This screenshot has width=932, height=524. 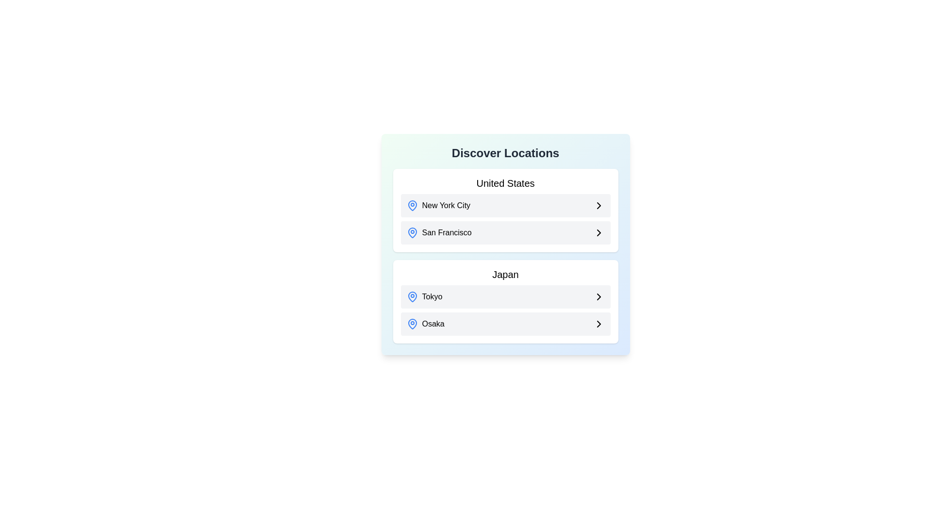 What do you see at coordinates (446, 205) in the screenshot?
I see `the 'New York City' text label in the 'Discover Locations' panel to trigger a tooltip or highlight effect` at bounding box center [446, 205].